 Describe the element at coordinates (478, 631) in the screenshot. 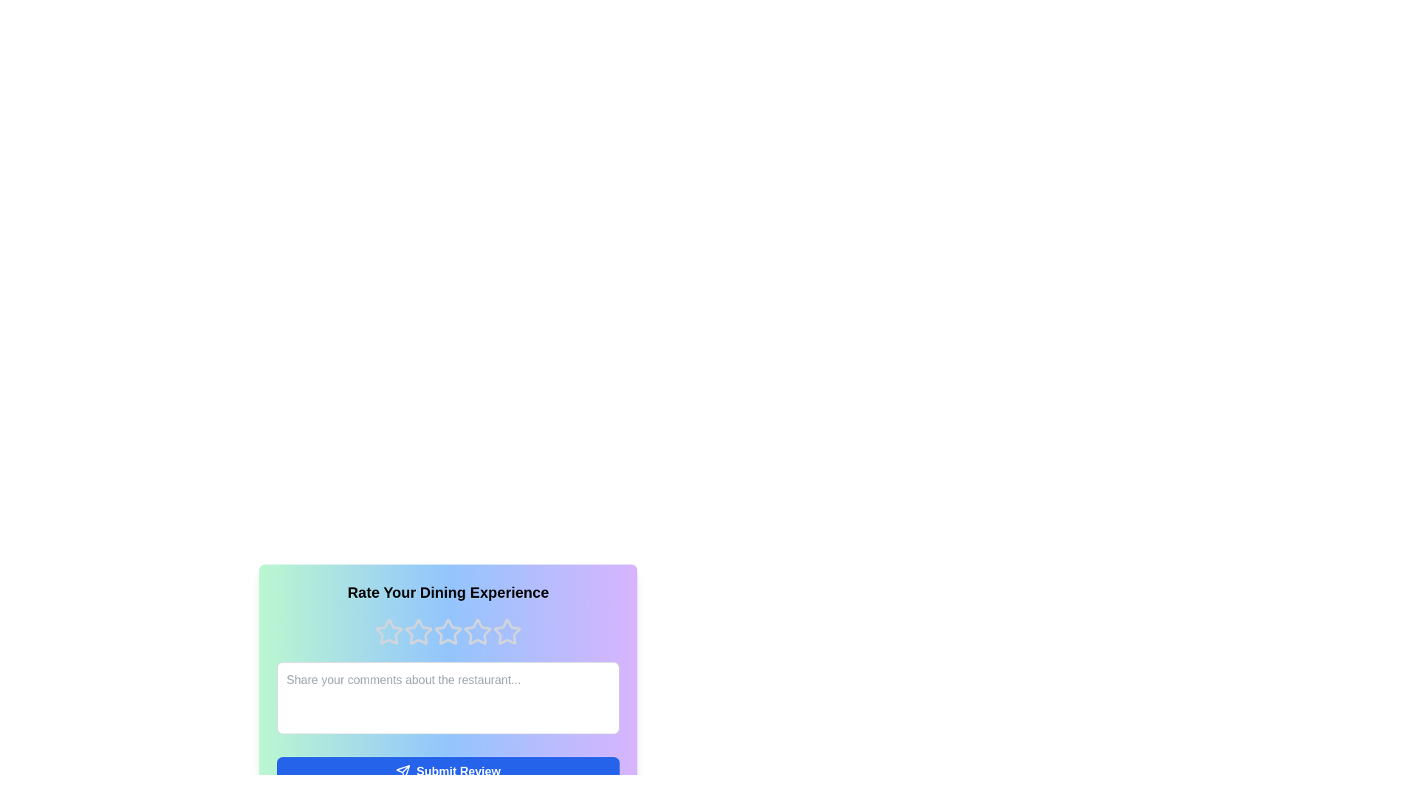

I see `the fourth rating star` at that location.